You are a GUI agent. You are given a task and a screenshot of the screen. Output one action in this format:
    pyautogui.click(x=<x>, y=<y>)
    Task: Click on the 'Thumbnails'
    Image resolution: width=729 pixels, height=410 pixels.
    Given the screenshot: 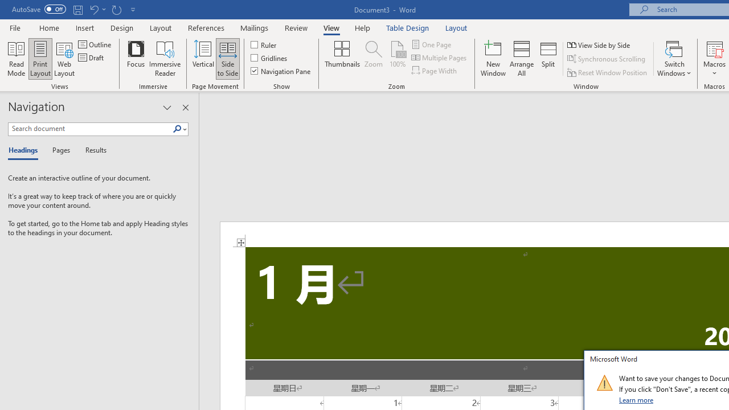 What is the action you would take?
    pyautogui.click(x=342, y=59)
    